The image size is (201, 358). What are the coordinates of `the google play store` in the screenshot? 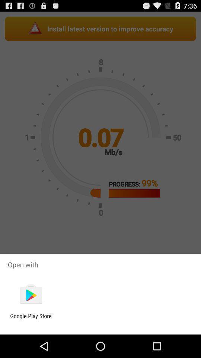 It's located at (31, 319).